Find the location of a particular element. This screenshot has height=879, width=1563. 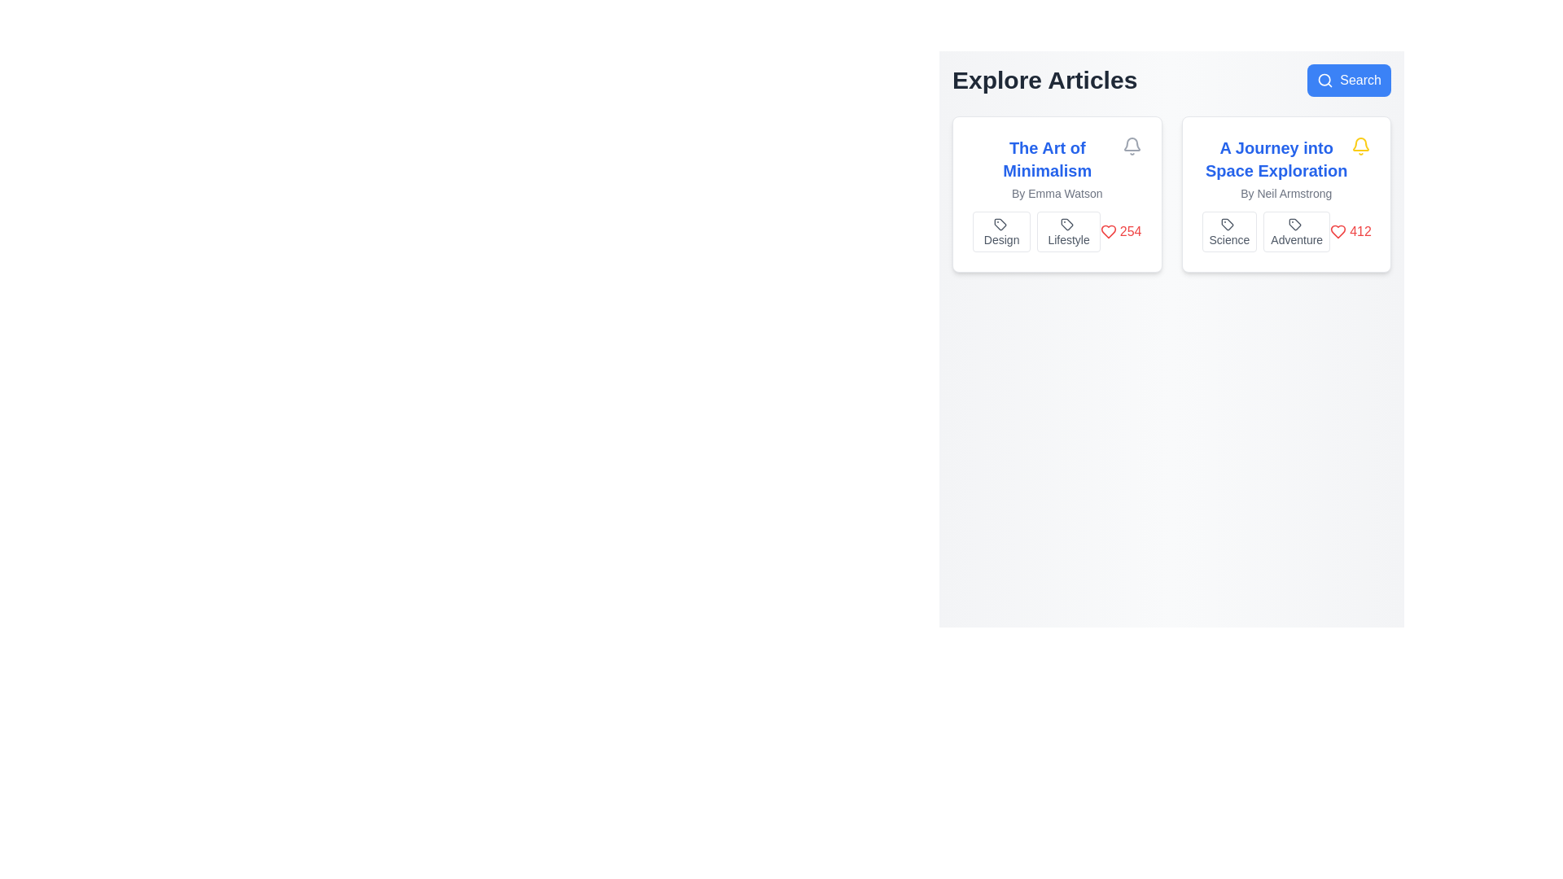

the tag group located beneath the article titled 'The Art of Minimalism' to filter content by category is located at coordinates (1035, 232).